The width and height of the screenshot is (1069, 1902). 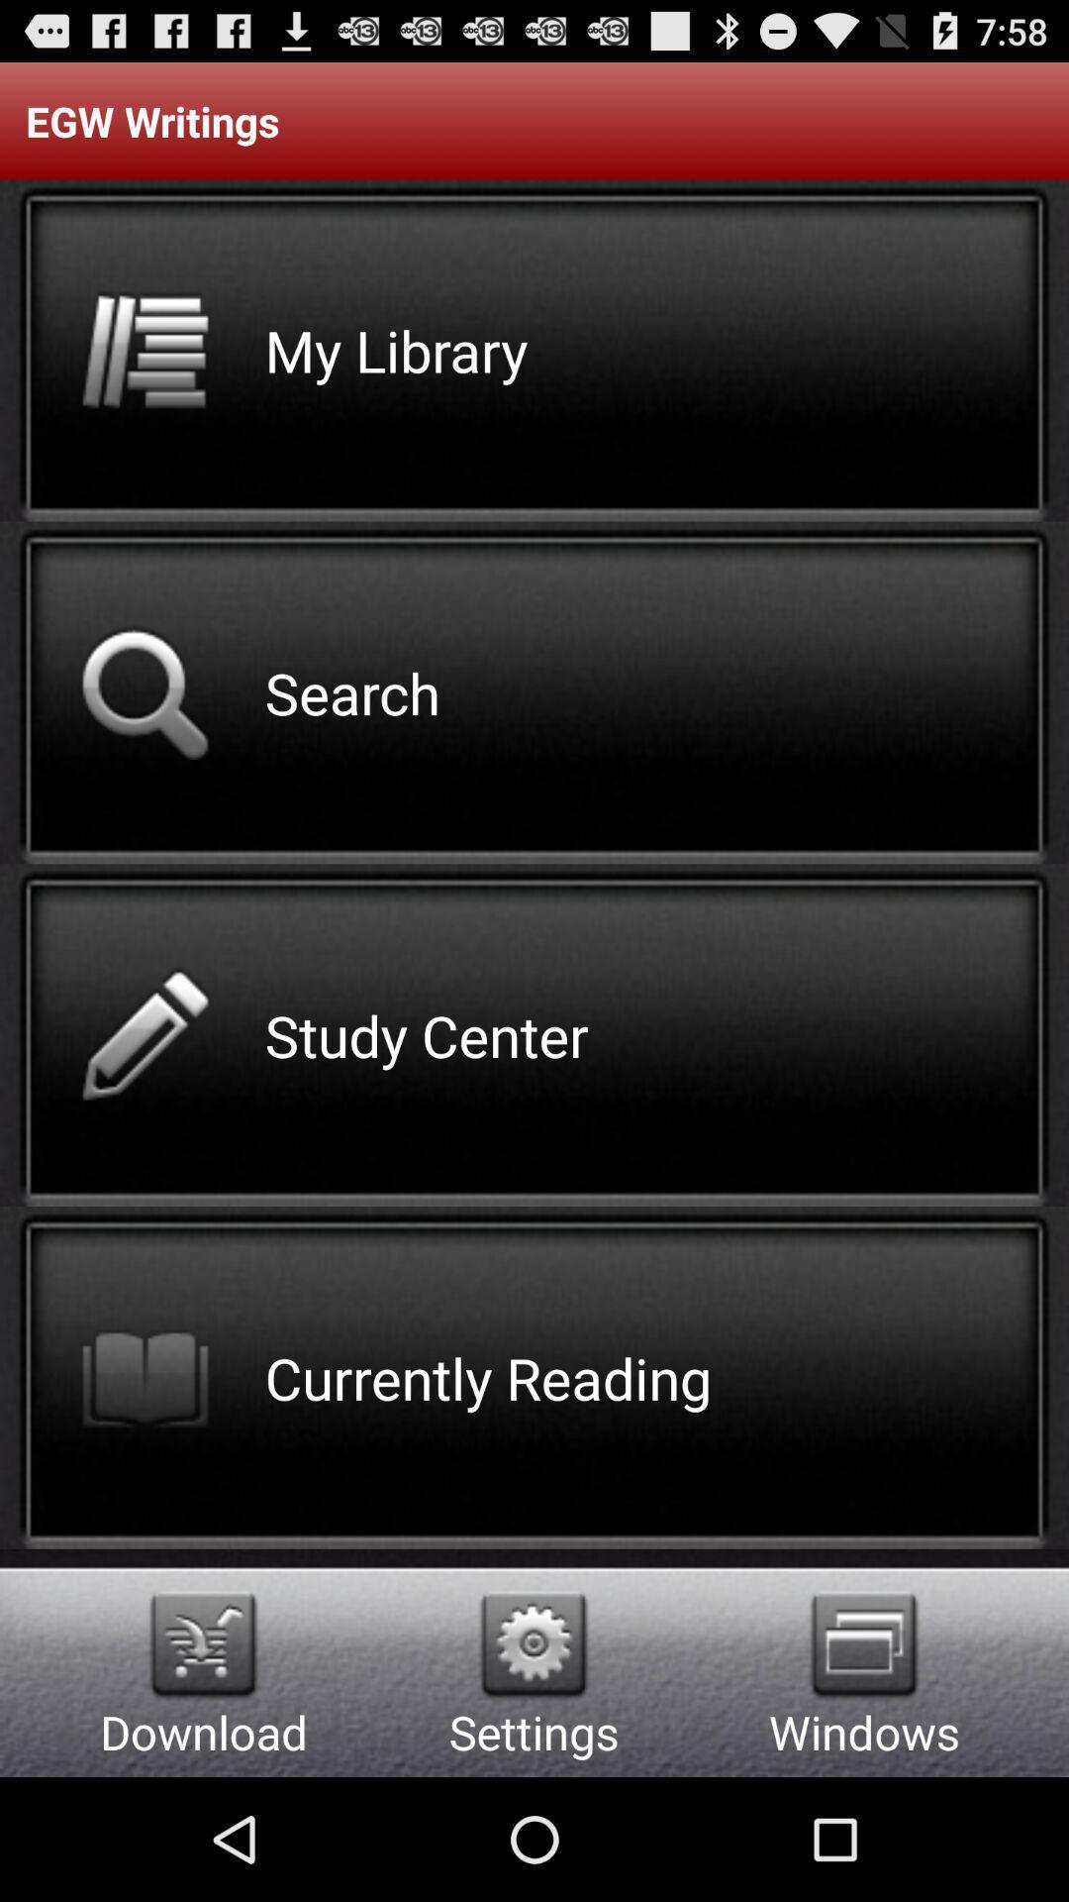 What do you see at coordinates (533, 1644) in the screenshot?
I see `the app next to download icon` at bounding box center [533, 1644].